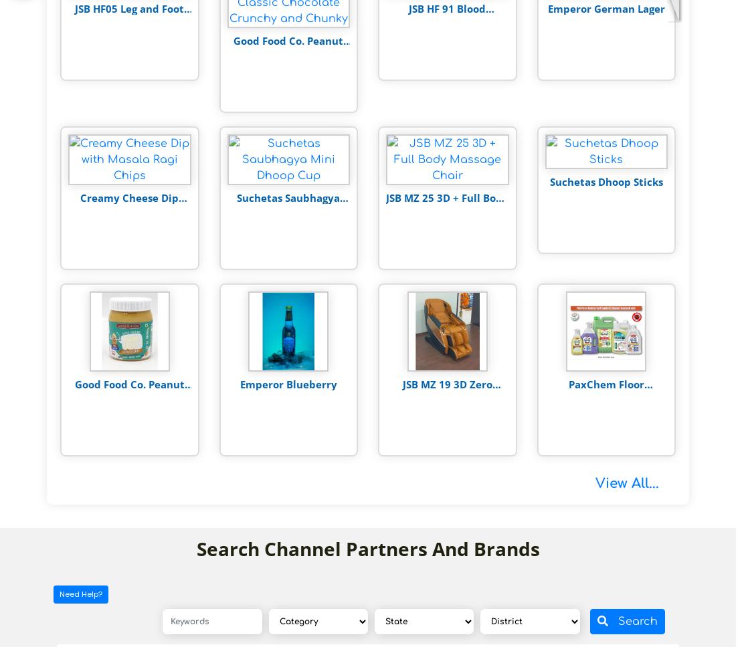  I want to click on 'JSB MZ 19 3D Zero Gravity Massage Chair', so click(446, 390).